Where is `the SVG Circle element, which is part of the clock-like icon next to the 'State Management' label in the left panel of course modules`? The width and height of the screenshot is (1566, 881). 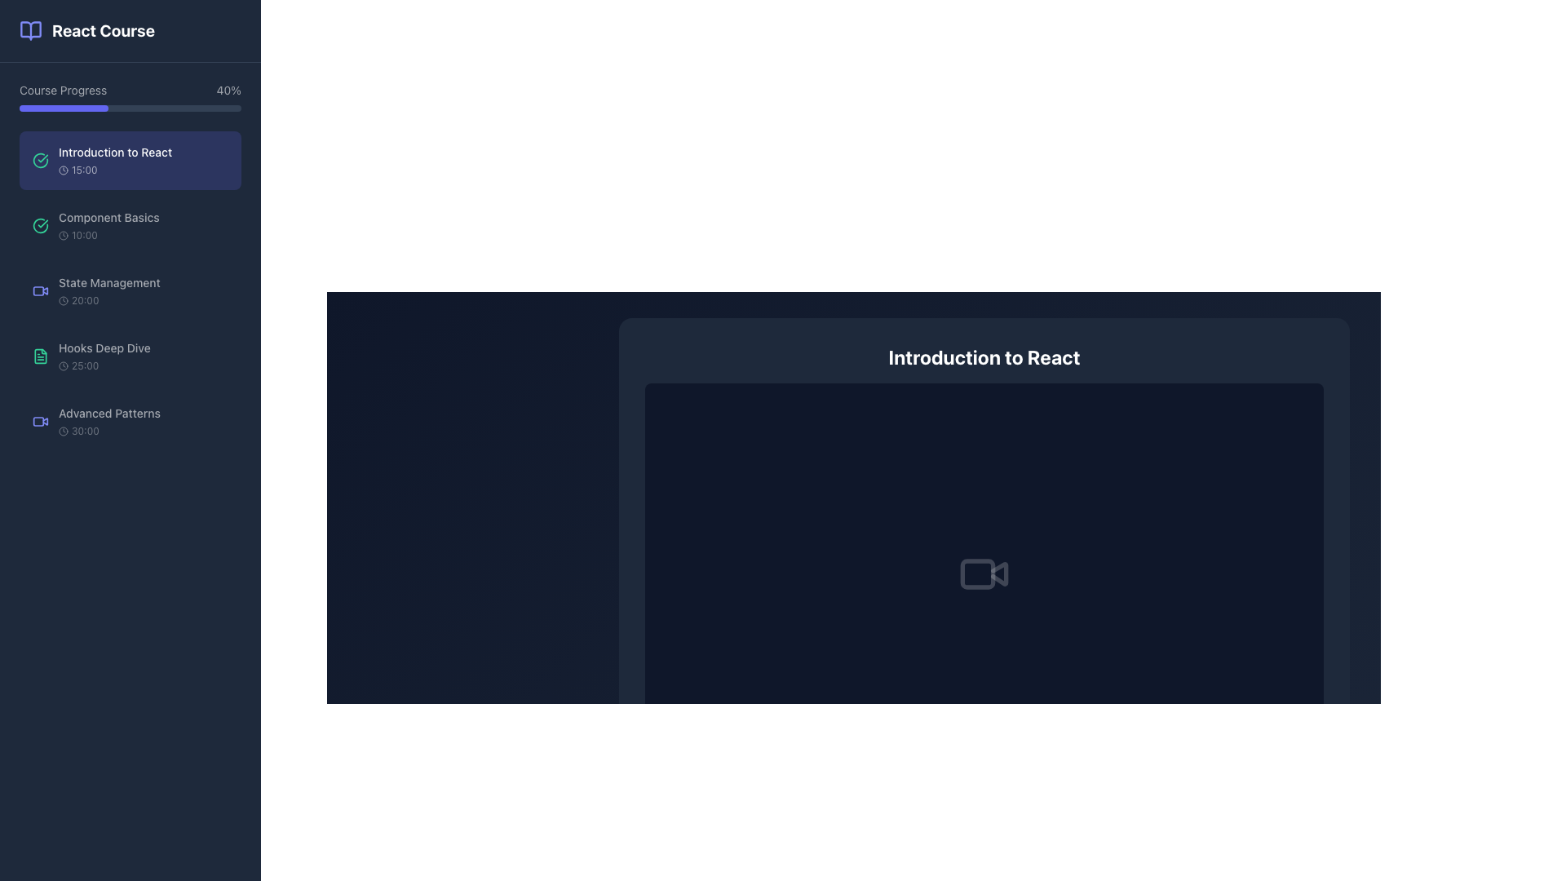
the SVG Circle element, which is part of the clock-like icon next to the 'State Management' label in the left panel of course modules is located at coordinates (63, 301).